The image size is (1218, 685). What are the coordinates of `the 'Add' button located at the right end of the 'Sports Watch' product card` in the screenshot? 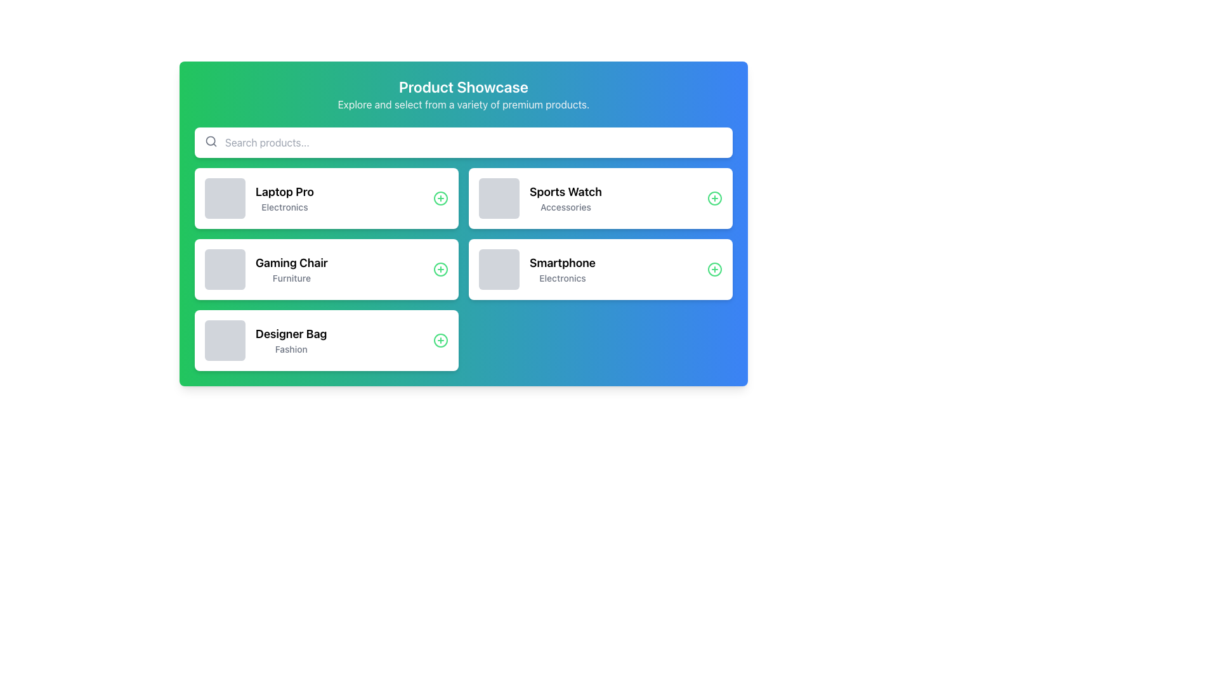 It's located at (715, 198).